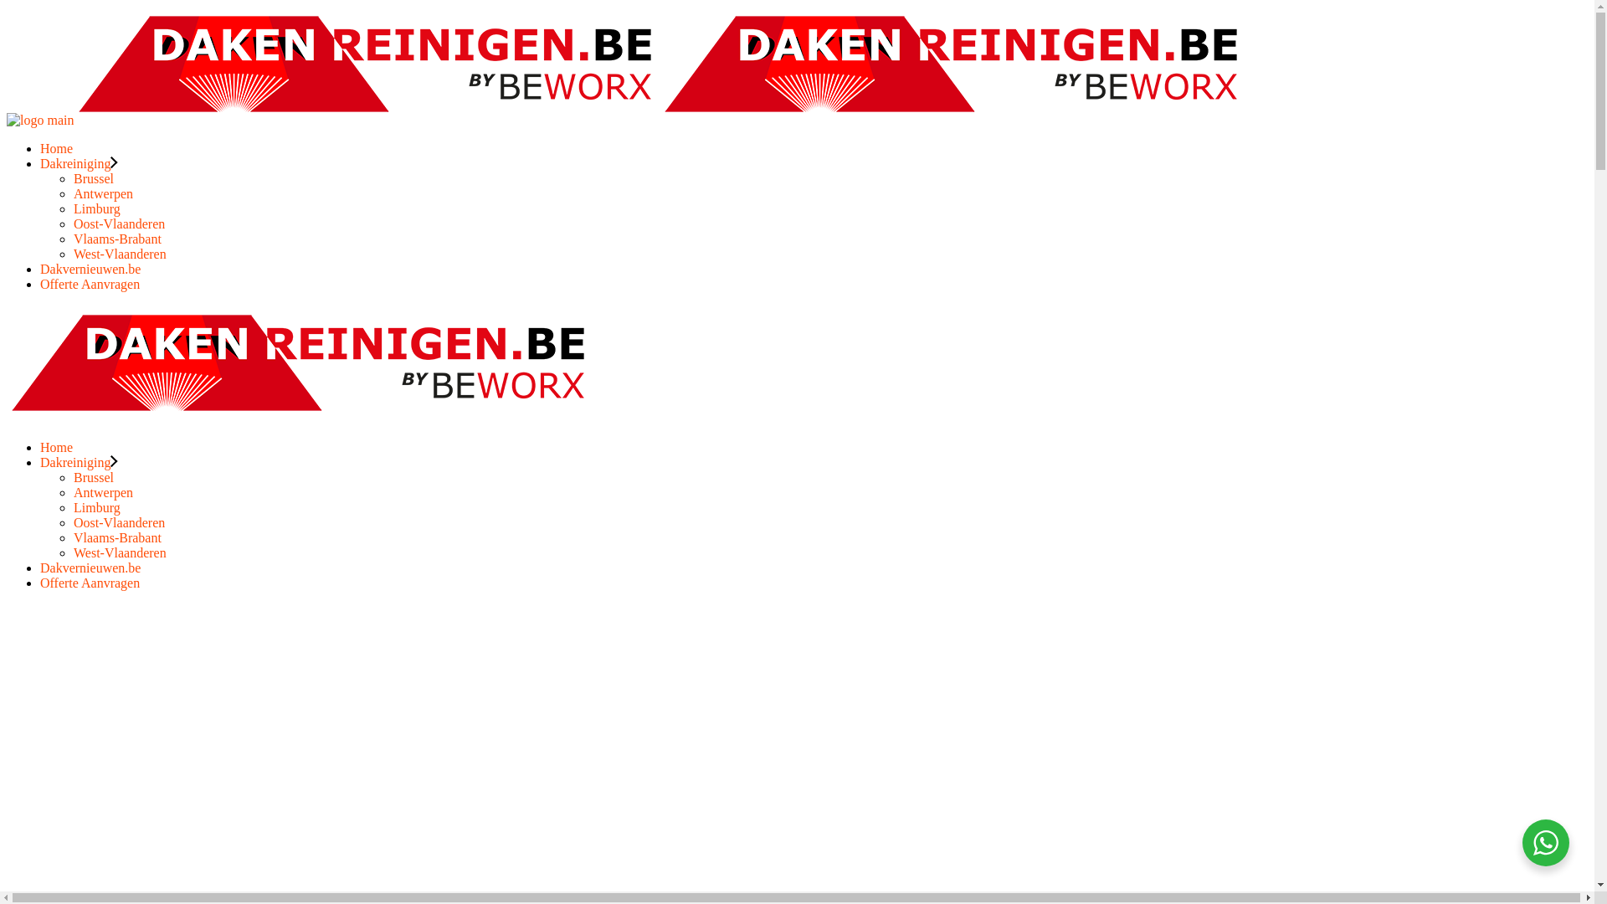 Image resolution: width=1607 pixels, height=904 pixels. Describe the element at coordinates (116, 239) in the screenshot. I see `'Vlaams-Brabant'` at that location.